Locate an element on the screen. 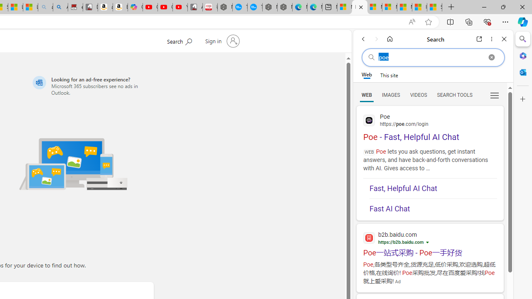 This screenshot has height=299, width=532. 'Microsoft account | Privacy' is located at coordinates (389, 7).